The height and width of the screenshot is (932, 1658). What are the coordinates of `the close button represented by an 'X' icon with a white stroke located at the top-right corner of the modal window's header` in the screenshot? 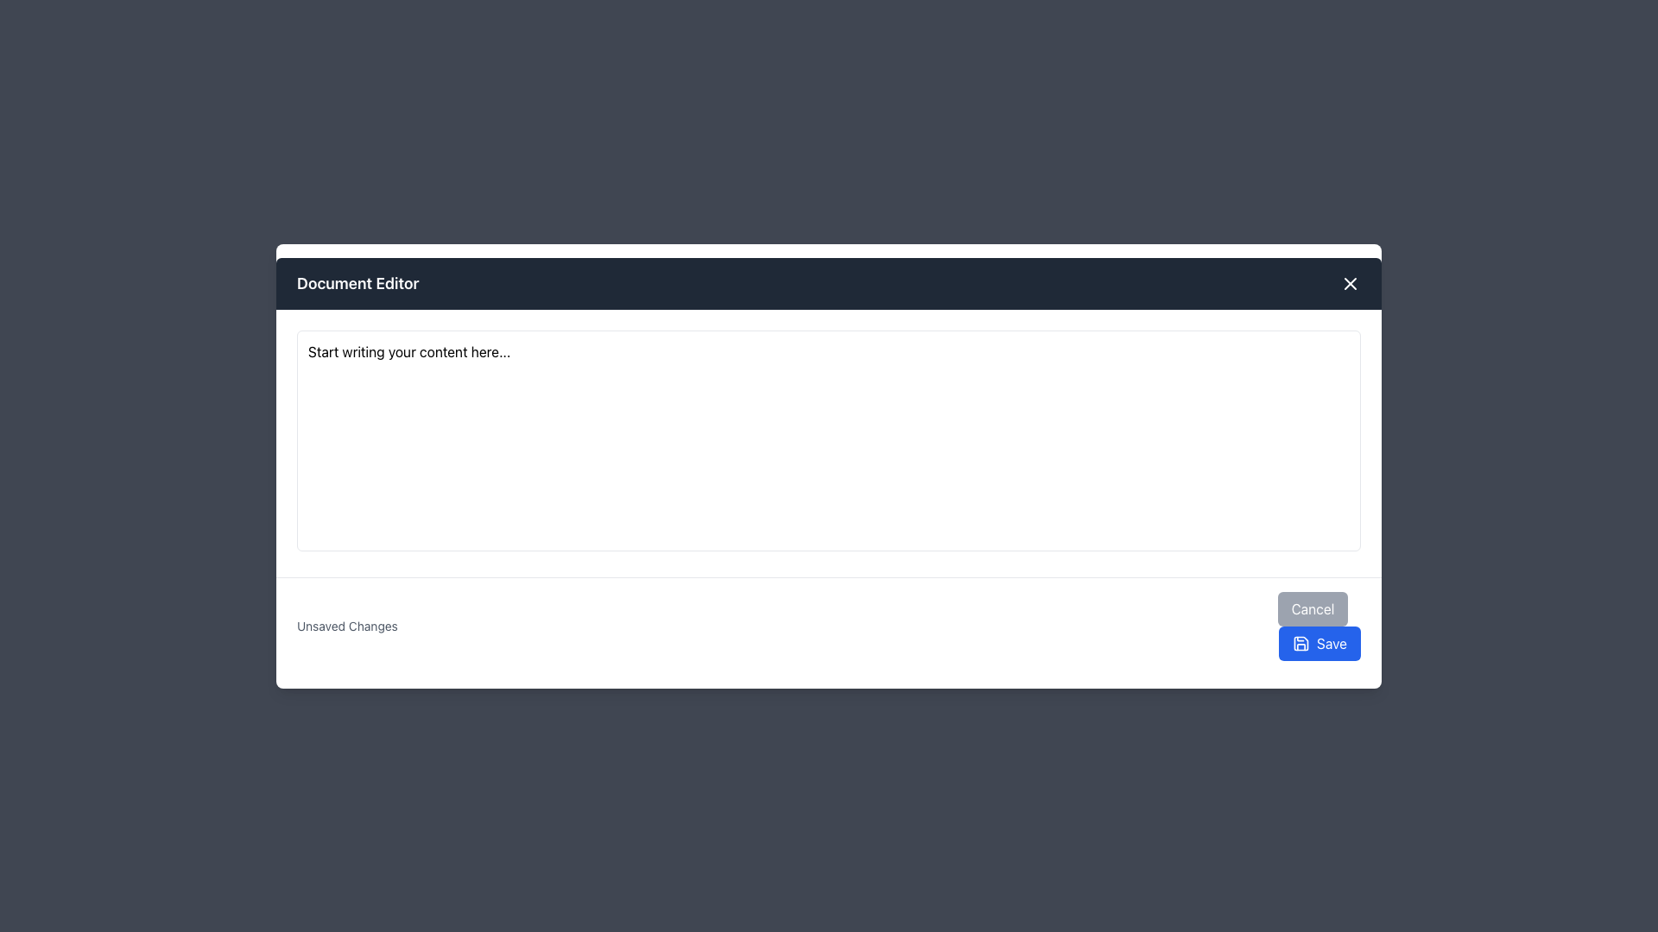 It's located at (1350, 282).